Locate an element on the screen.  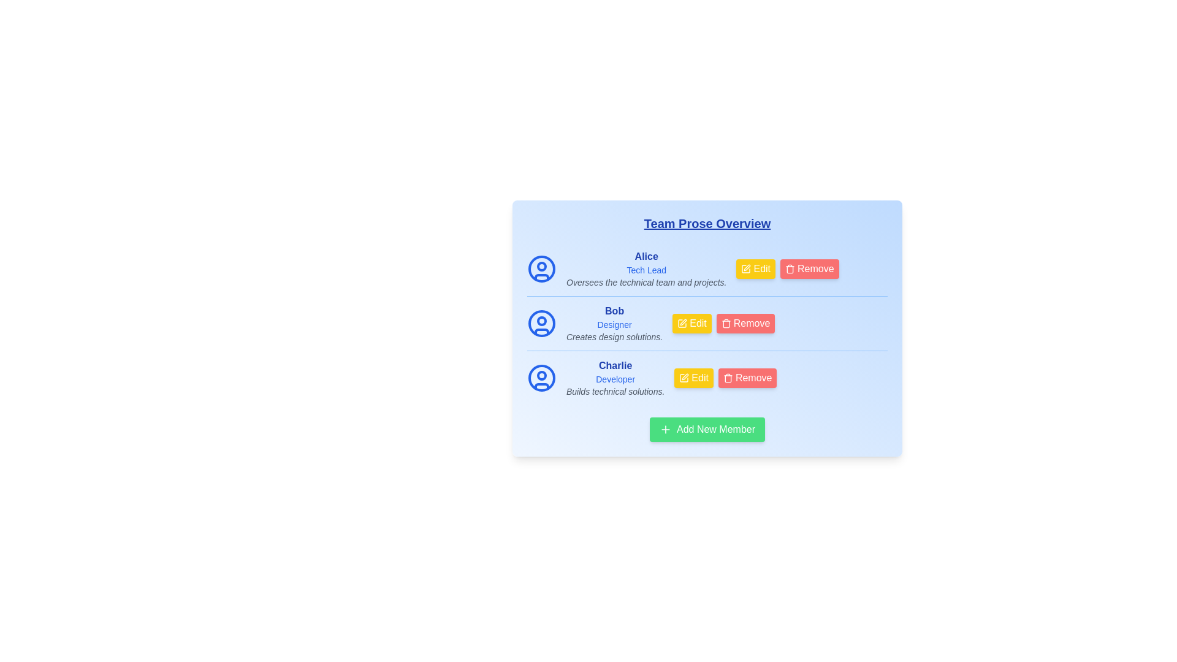
the text label displaying 'Remove' with a light red background is located at coordinates (752, 378).